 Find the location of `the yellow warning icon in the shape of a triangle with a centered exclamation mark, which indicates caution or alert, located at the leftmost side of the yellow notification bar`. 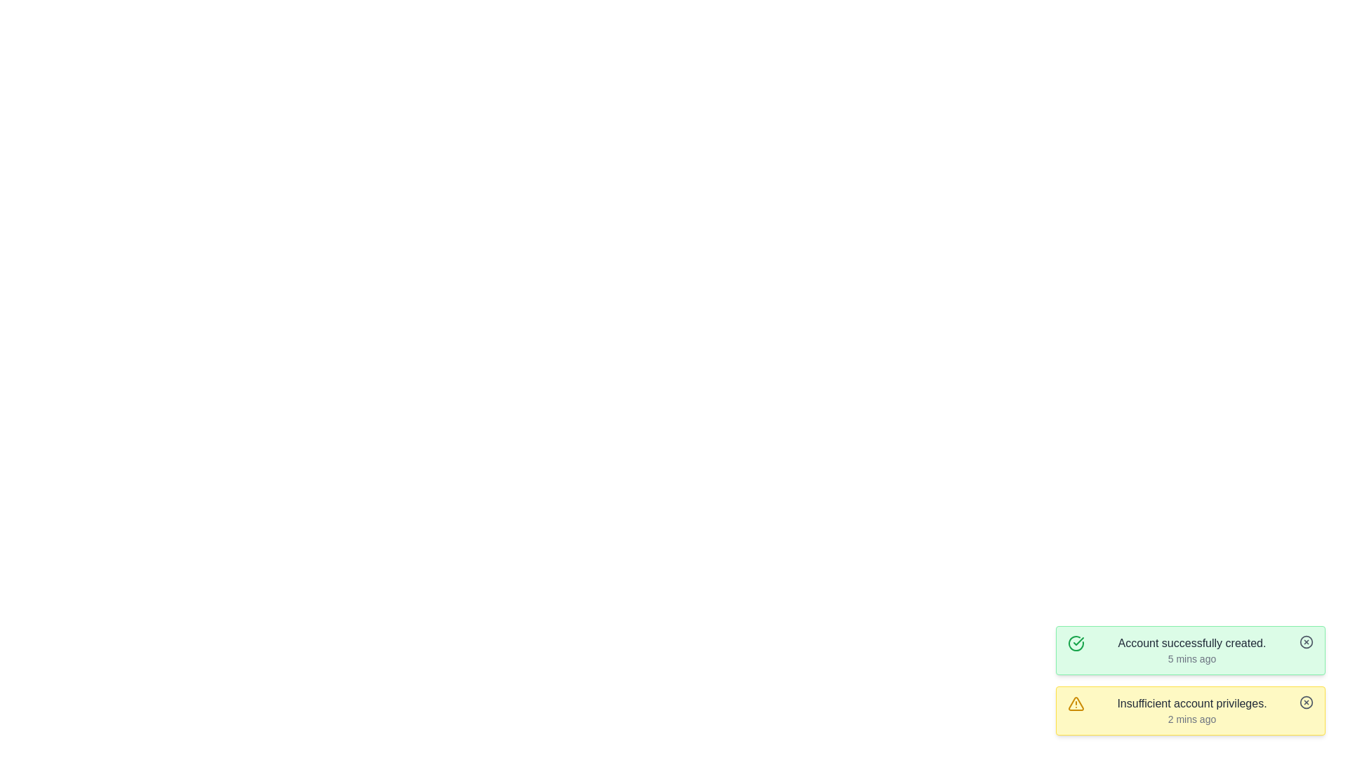

the yellow warning icon in the shape of a triangle with a centered exclamation mark, which indicates caution or alert, located at the leftmost side of the yellow notification bar is located at coordinates (1075, 703).